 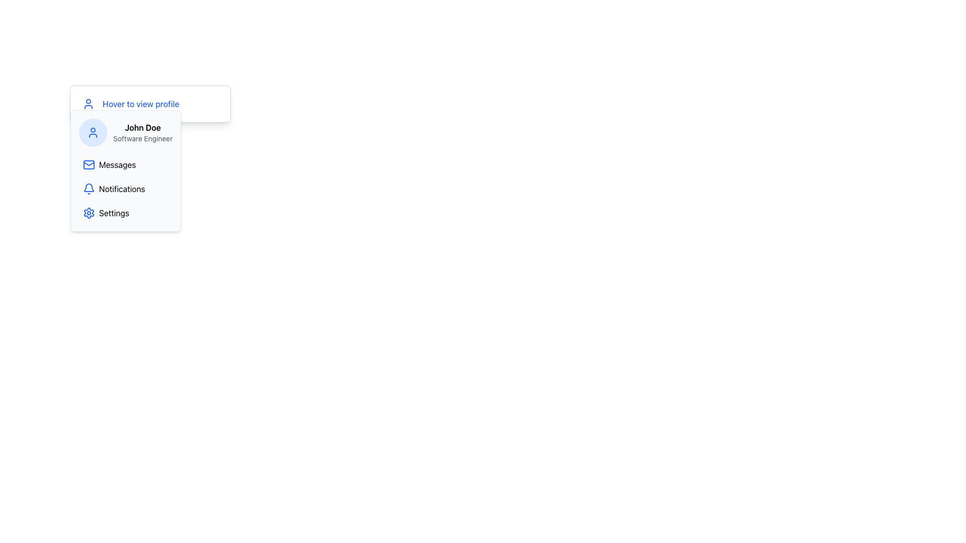 I want to click on the Text Label displaying 'John Doe' in bold font, located above the 'Software Engineer' text in the profile menu section, so click(x=142, y=127).